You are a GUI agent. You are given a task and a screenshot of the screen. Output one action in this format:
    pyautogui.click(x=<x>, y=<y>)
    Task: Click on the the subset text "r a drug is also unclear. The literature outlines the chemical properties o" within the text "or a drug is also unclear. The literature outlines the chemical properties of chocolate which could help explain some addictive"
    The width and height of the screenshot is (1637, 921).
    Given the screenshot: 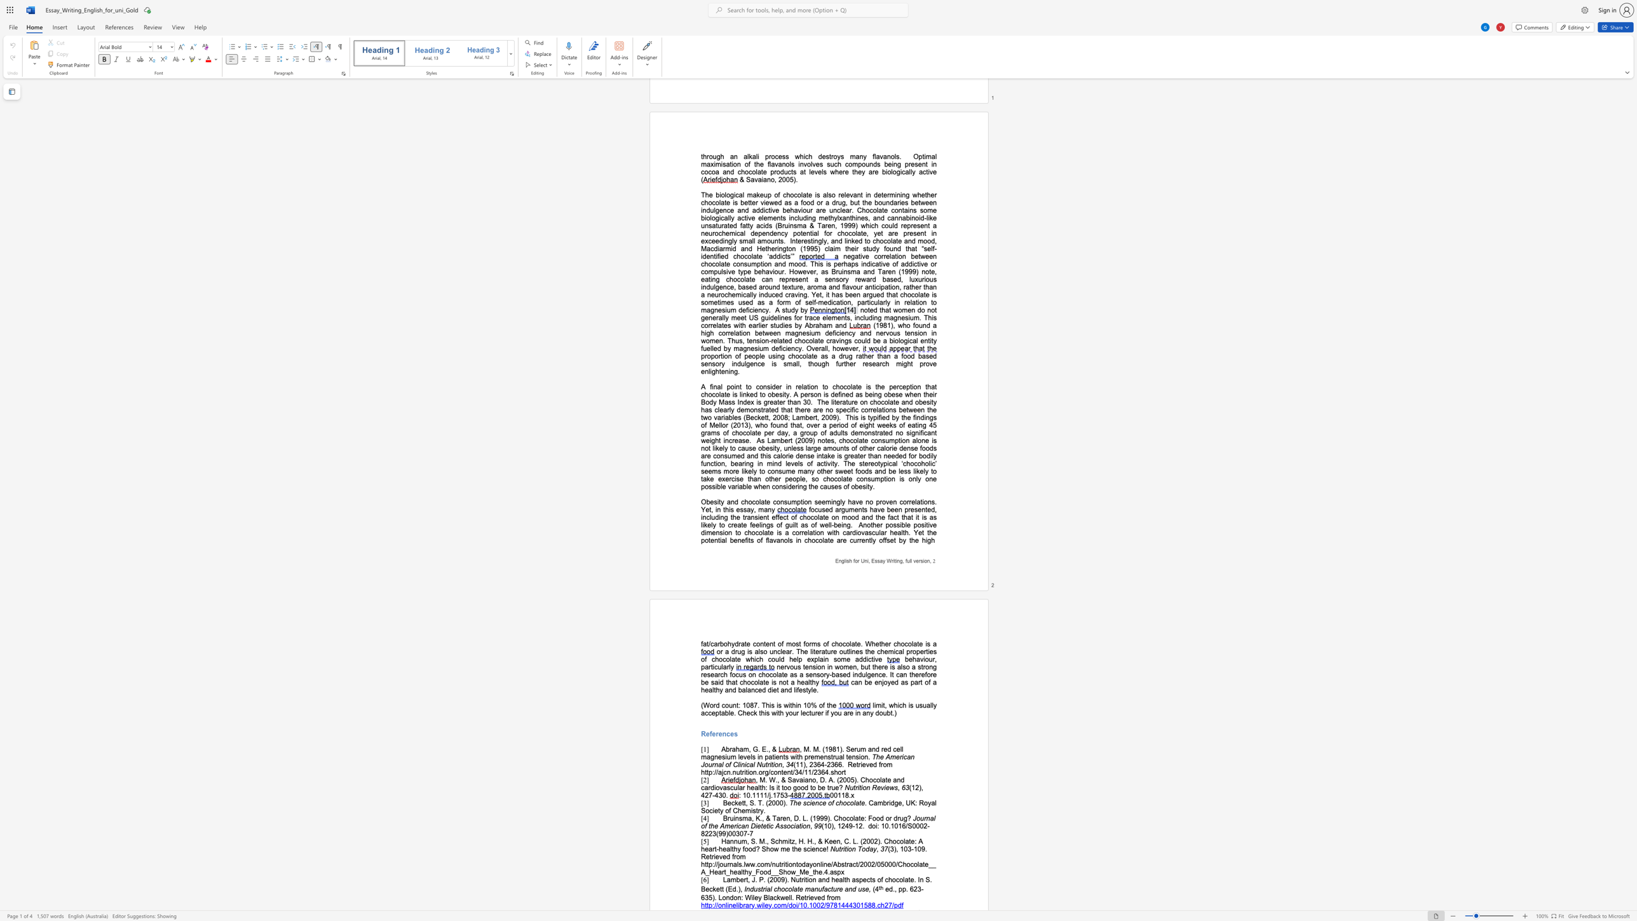 What is the action you would take?
    pyautogui.click(x=719, y=651)
    